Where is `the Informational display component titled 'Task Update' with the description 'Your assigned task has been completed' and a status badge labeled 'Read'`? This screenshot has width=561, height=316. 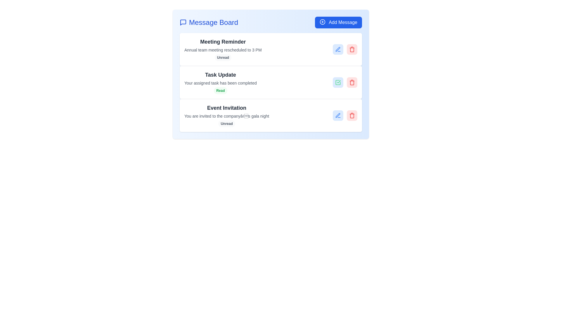
the Informational display component titled 'Task Update' with the description 'Your assigned task has been completed' and a status badge labeled 'Read' is located at coordinates (220, 82).